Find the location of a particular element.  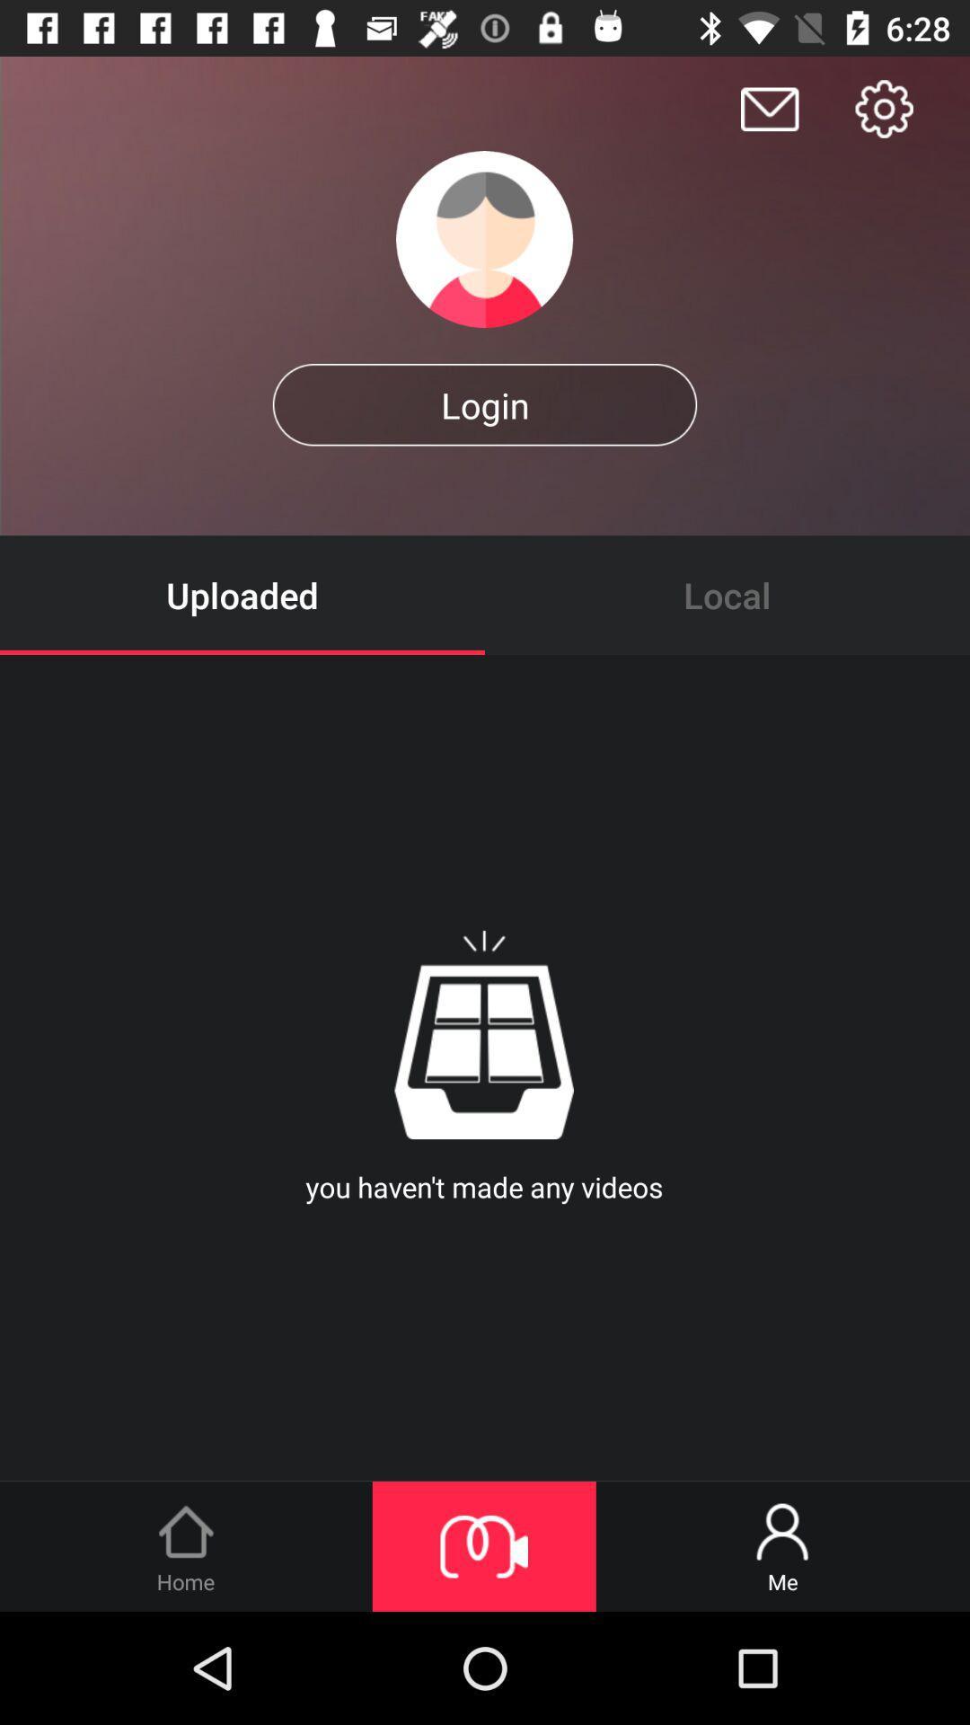

the email icon is located at coordinates (769, 108).